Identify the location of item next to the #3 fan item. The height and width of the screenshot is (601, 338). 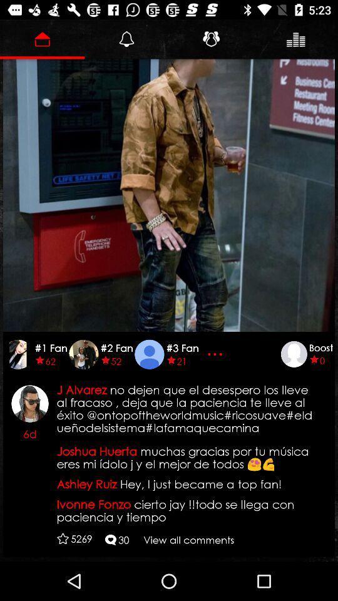
(216, 354).